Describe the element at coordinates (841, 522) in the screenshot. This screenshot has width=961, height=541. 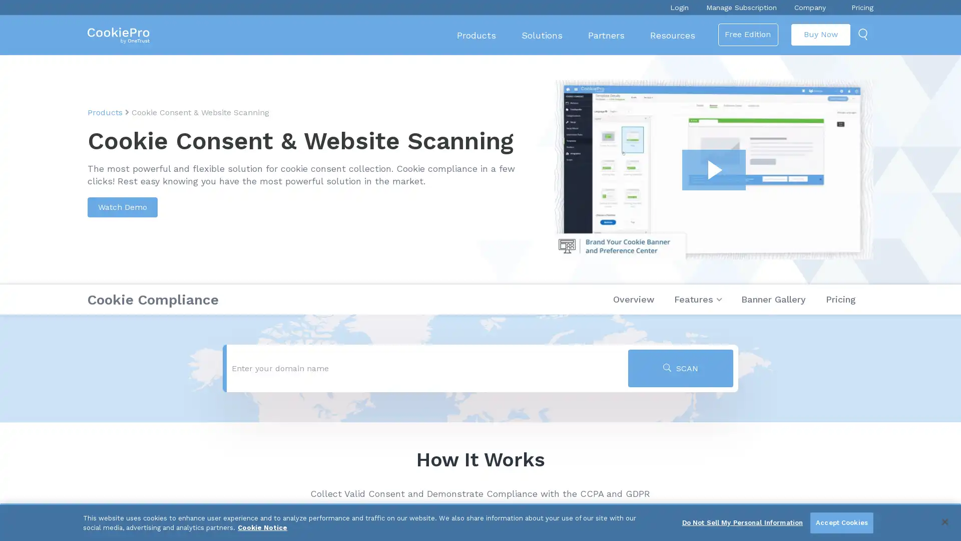
I see `Accept Cookies` at that location.